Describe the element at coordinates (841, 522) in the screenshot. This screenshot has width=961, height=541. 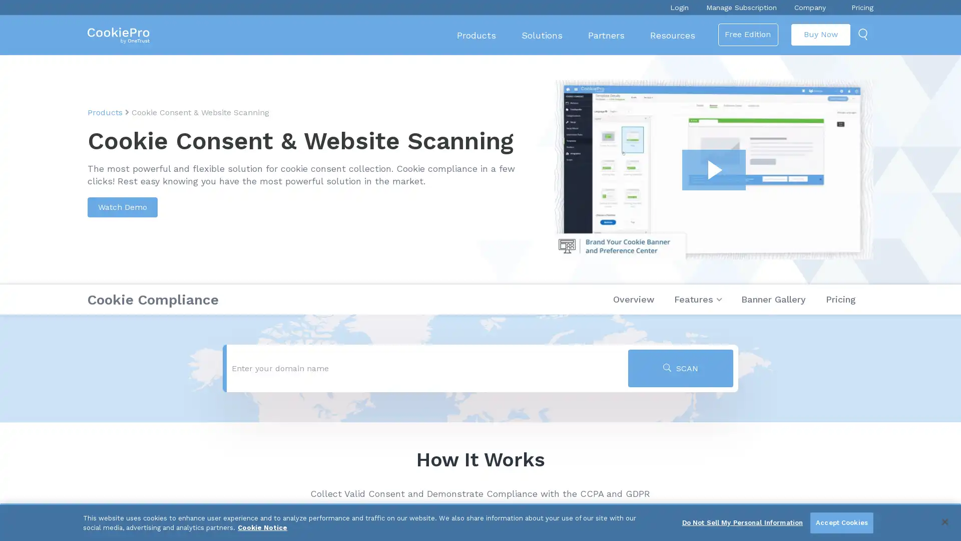
I see `Accept Cookies` at that location.